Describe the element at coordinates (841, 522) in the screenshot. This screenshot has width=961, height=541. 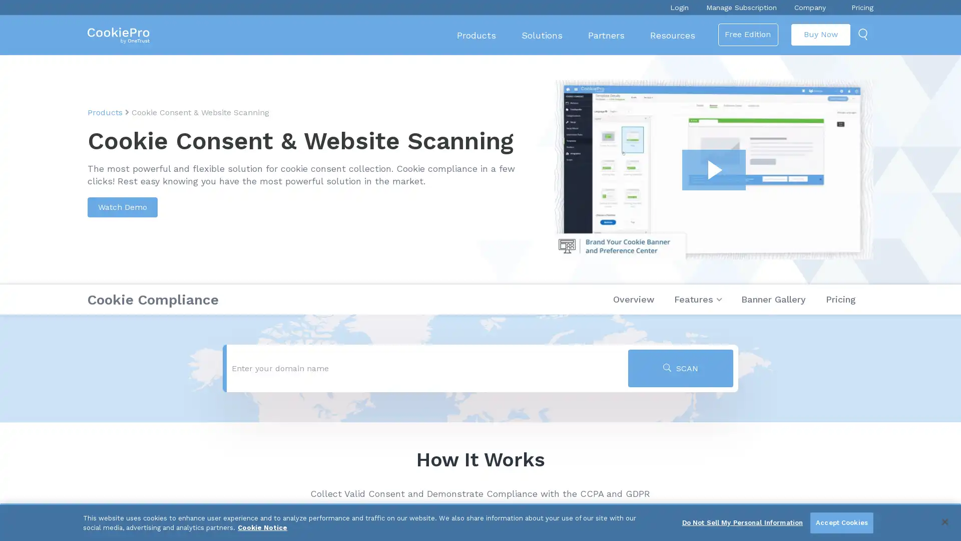
I see `Accept Cookies` at that location.